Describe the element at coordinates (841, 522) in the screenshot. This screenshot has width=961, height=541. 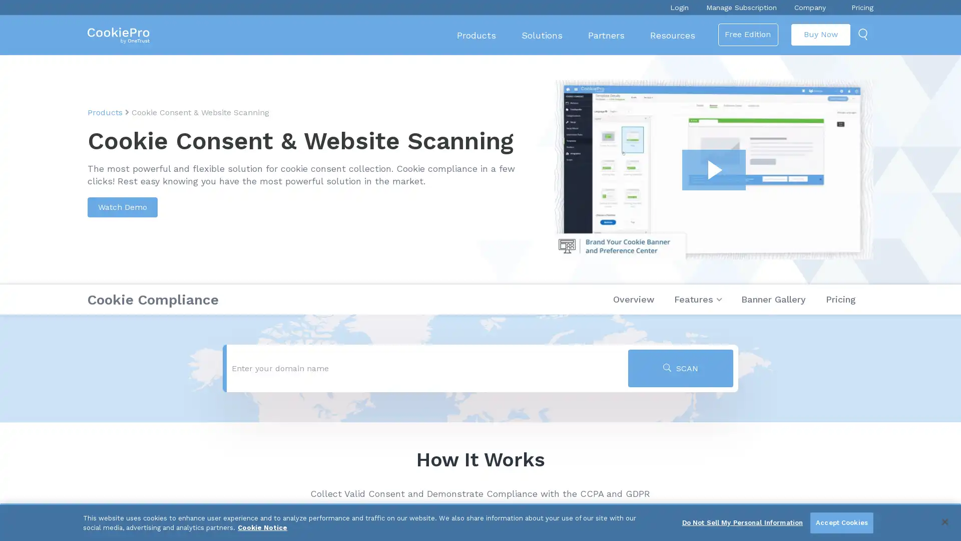
I see `Accept Cookies` at that location.